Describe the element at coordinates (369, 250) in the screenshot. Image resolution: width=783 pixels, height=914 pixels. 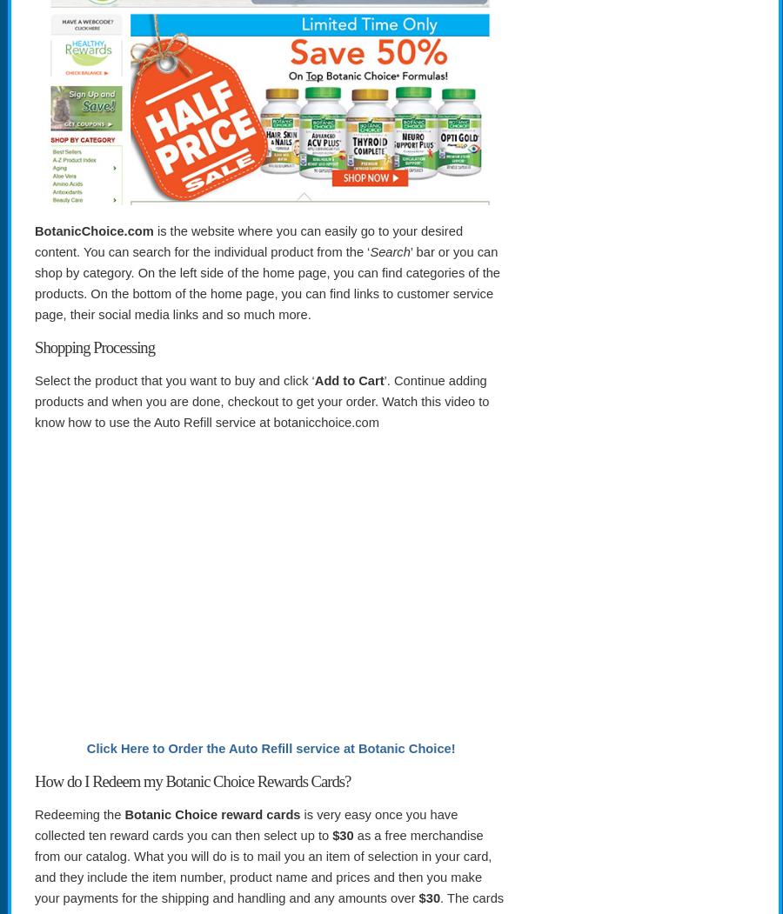
I see `'Search'` at that location.